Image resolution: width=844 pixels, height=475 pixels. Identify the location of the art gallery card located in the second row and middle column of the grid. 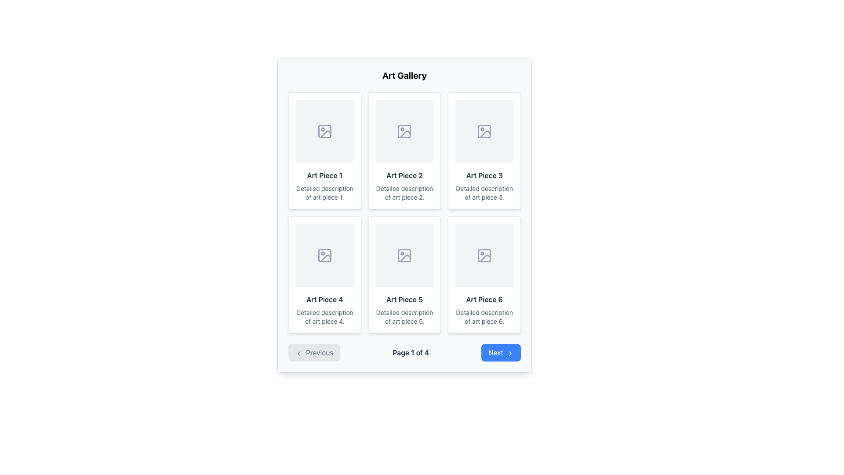
(404, 274).